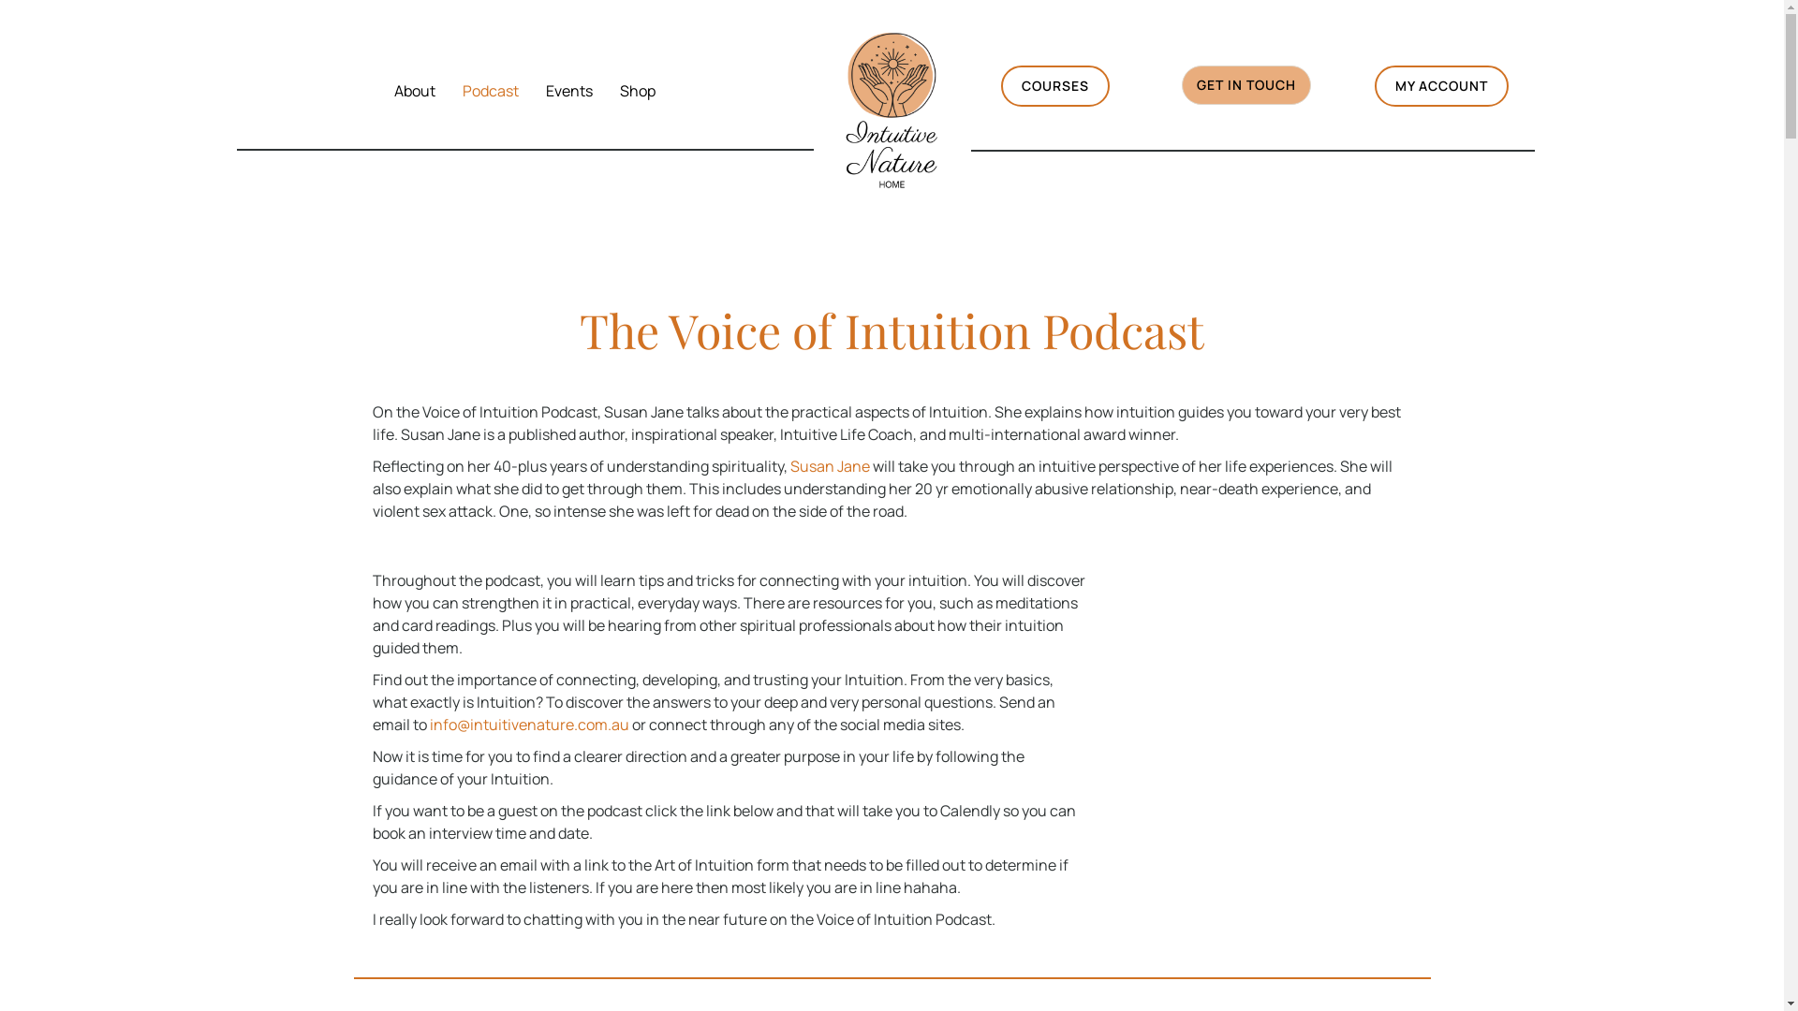 This screenshot has width=1798, height=1011. What do you see at coordinates (527, 724) in the screenshot?
I see `'info@intuitivenature.com.au'` at bounding box center [527, 724].